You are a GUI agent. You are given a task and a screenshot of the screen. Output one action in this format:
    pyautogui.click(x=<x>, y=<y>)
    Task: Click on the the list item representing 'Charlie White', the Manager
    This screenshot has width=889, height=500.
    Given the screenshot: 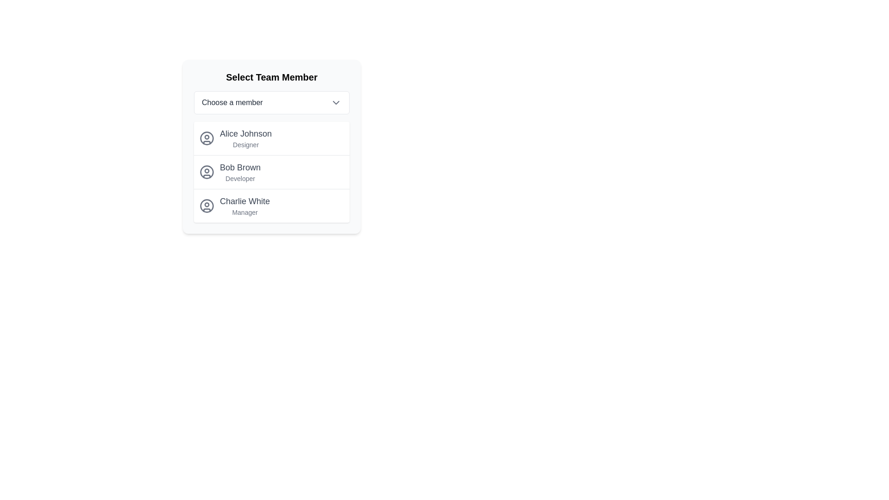 What is the action you would take?
    pyautogui.click(x=235, y=205)
    